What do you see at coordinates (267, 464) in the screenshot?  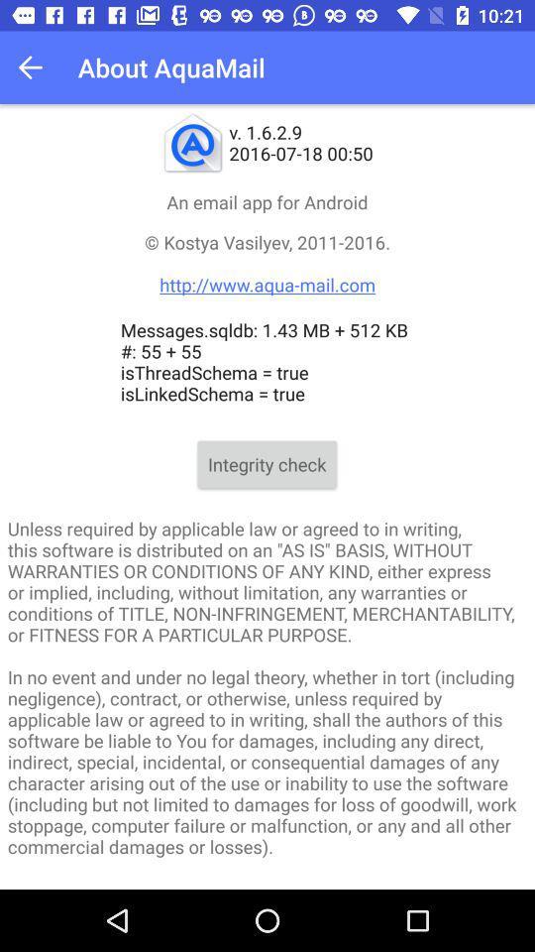 I see `the integrity check item` at bounding box center [267, 464].